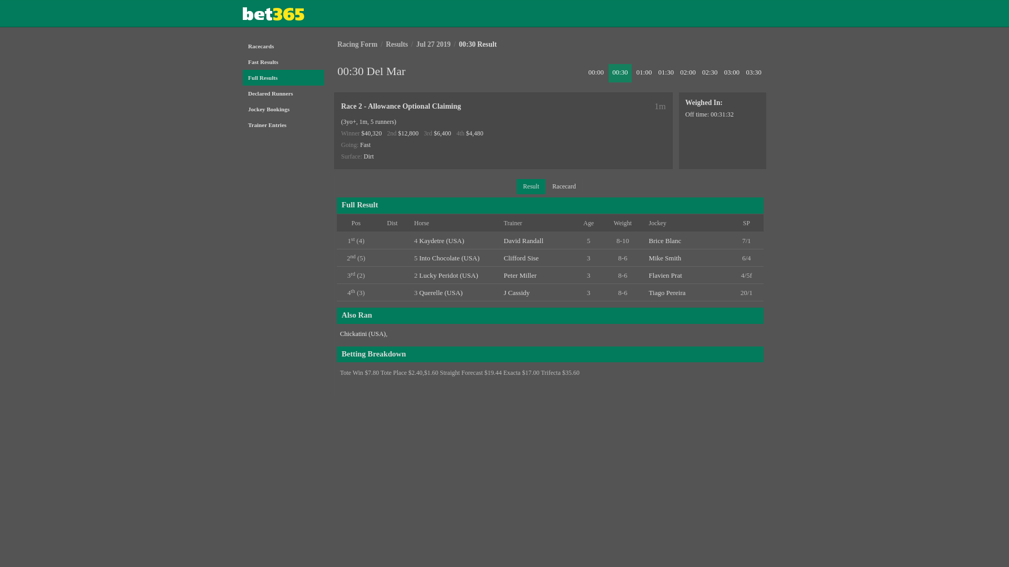 The height and width of the screenshot is (567, 1009). What do you see at coordinates (363, 334) in the screenshot?
I see `'Chickatini (USA)'` at bounding box center [363, 334].